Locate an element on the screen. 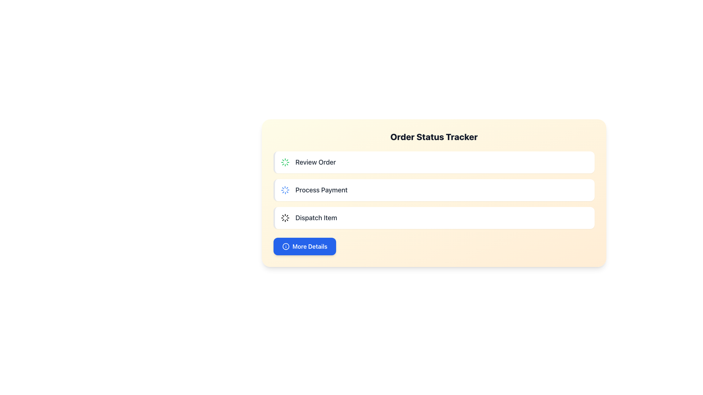 The height and width of the screenshot is (395, 703). the 'Process Payment' text label, which is styled with a bold medium-sized font in dark gray, located below the 'Review Order' step is located at coordinates (321, 190).